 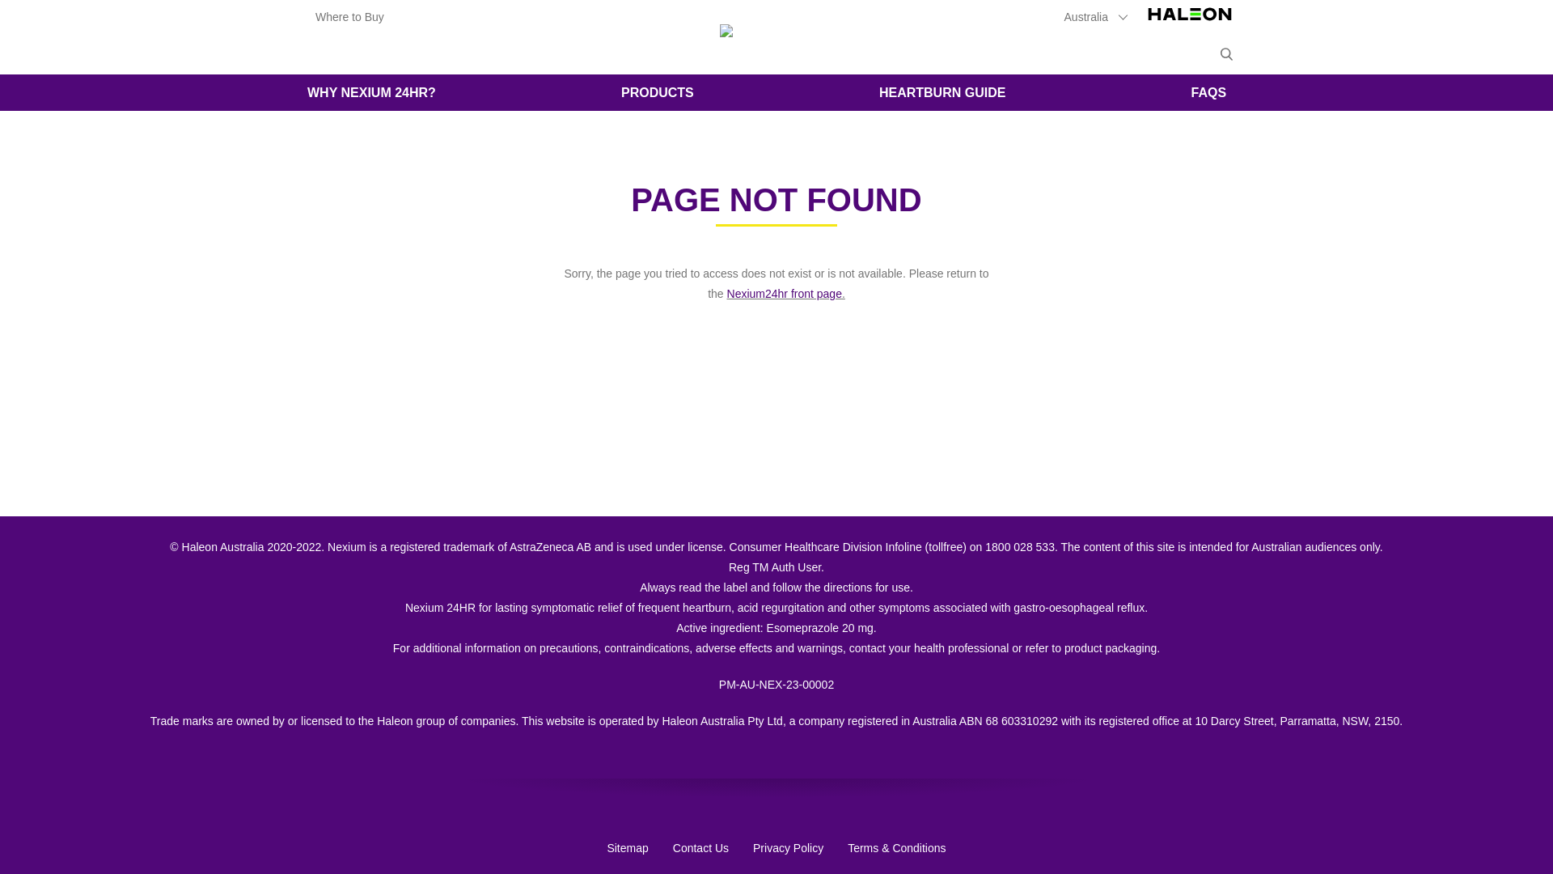 I want to click on 'Nexium Logo', so click(x=776, y=34).